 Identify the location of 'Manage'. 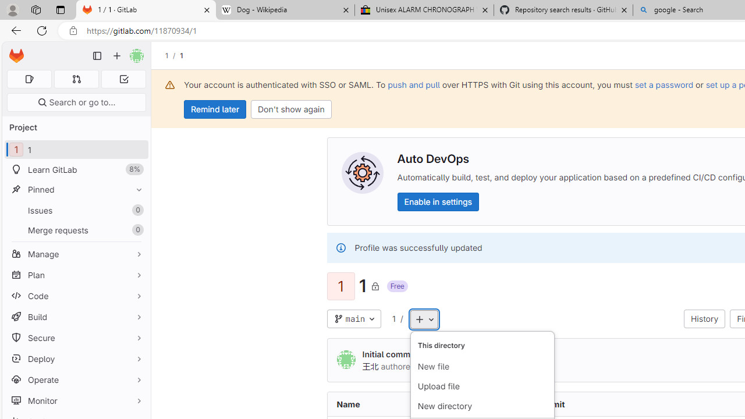
(76, 253).